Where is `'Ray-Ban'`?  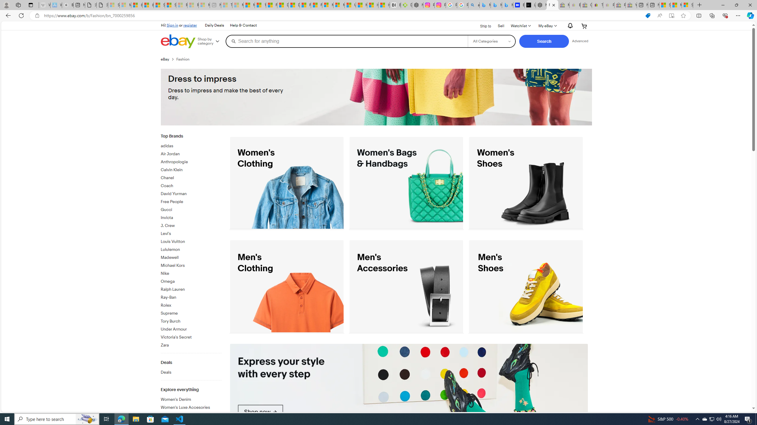
'Ray-Ban' is located at coordinates (191, 297).